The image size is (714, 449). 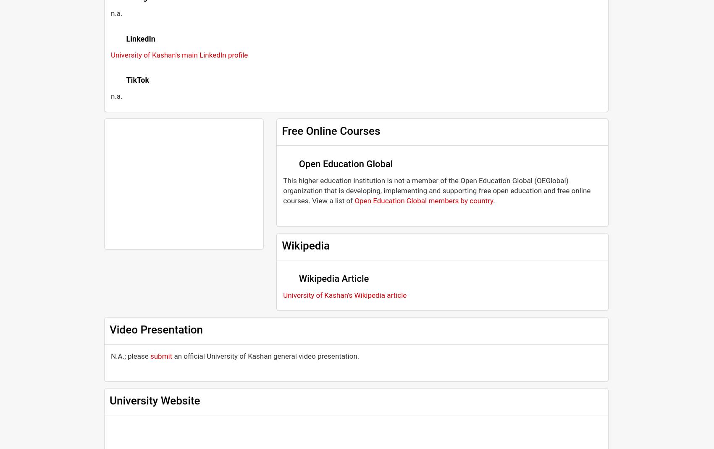 I want to click on 'Free Online Courses', so click(x=330, y=130).